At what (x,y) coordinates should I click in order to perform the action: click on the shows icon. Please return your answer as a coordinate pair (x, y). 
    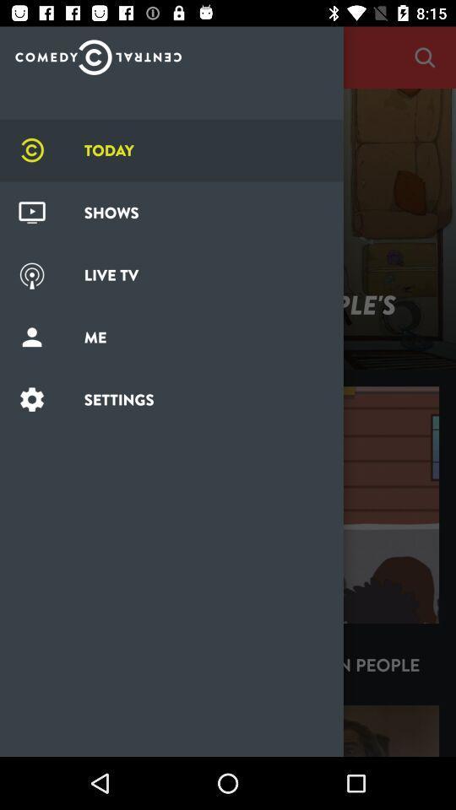
    Looking at the image, I should click on (32, 212).